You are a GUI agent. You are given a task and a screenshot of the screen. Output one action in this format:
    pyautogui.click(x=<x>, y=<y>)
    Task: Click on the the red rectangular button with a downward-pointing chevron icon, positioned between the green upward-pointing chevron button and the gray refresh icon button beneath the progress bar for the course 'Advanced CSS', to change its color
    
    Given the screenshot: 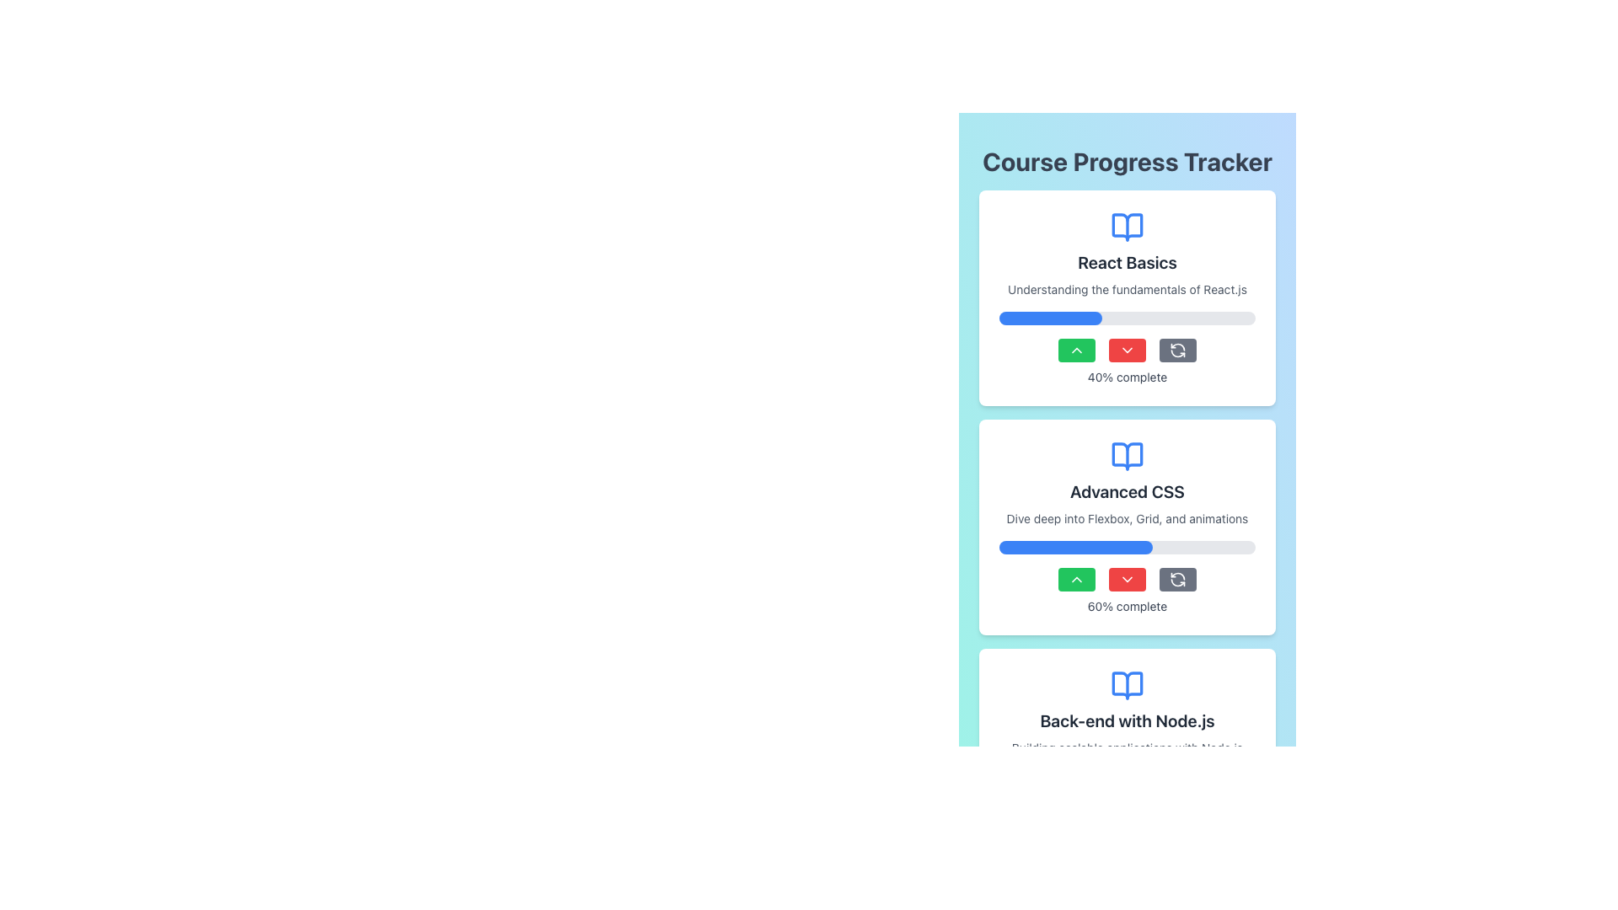 What is the action you would take?
    pyautogui.click(x=1128, y=578)
    